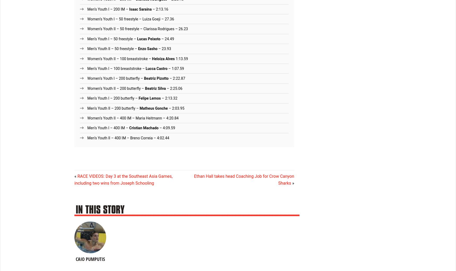 Image resolution: width=456 pixels, height=271 pixels. Describe the element at coordinates (87, 19) in the screenshot. I see `'Women’s Youth I – 50 freestyle – Luiza Goeji – 27.36'` at that location.